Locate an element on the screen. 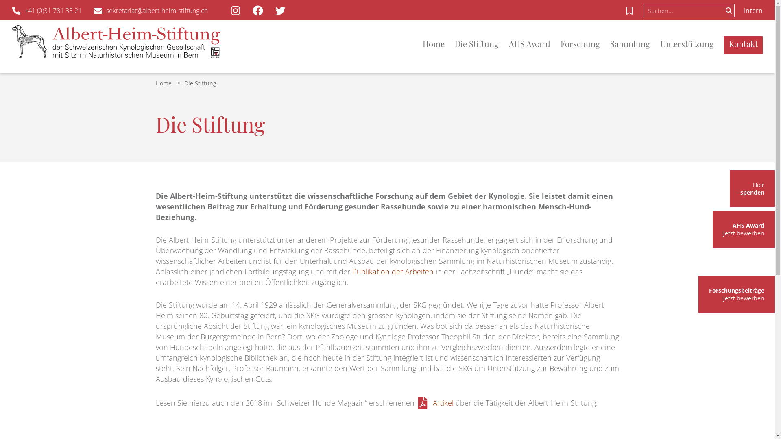 Image resolution: width=781 pixels, height=439 pixels. 'Artikel' is located at coordinates (434, 403).